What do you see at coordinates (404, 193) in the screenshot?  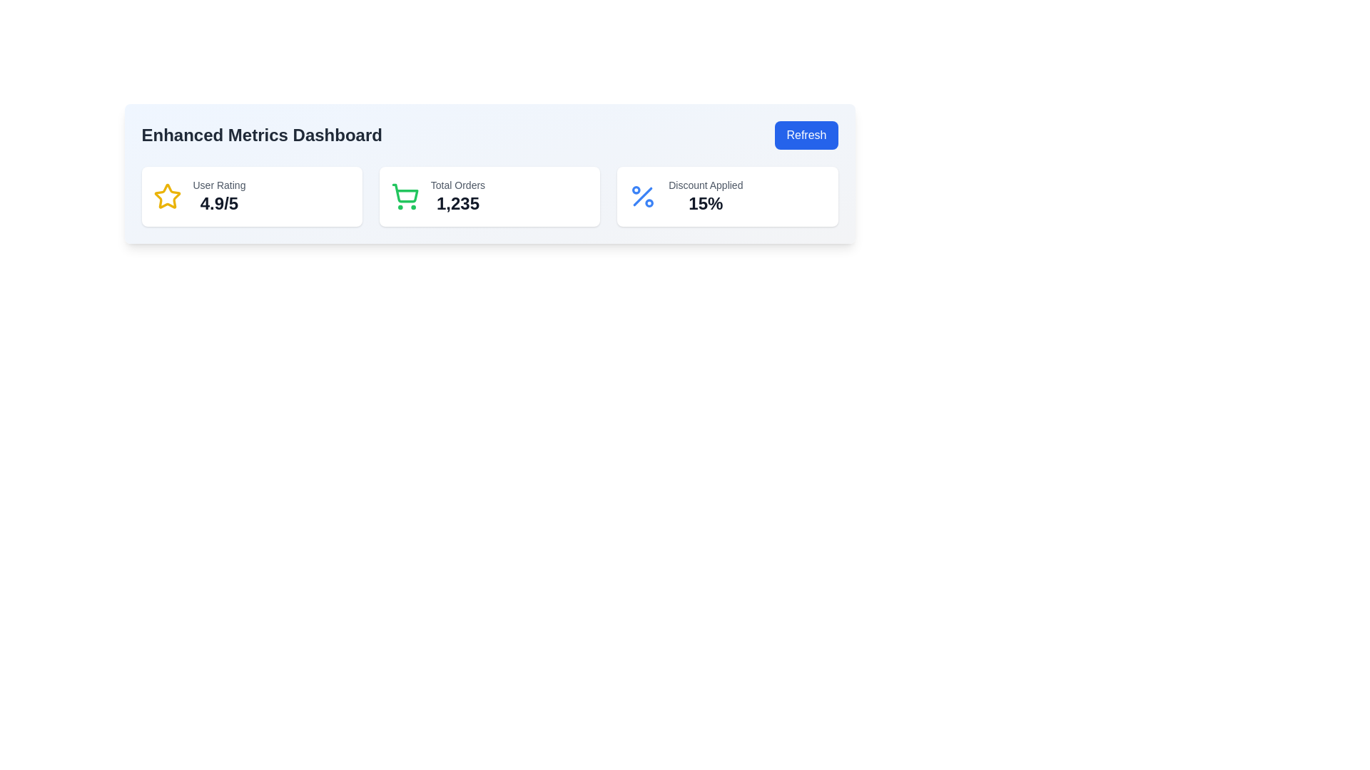 I see `the shopping cart icon in the second card labeled 'Total Orders' on the Enhanced Metrics Dashboard` at bounding box center [404, 193].